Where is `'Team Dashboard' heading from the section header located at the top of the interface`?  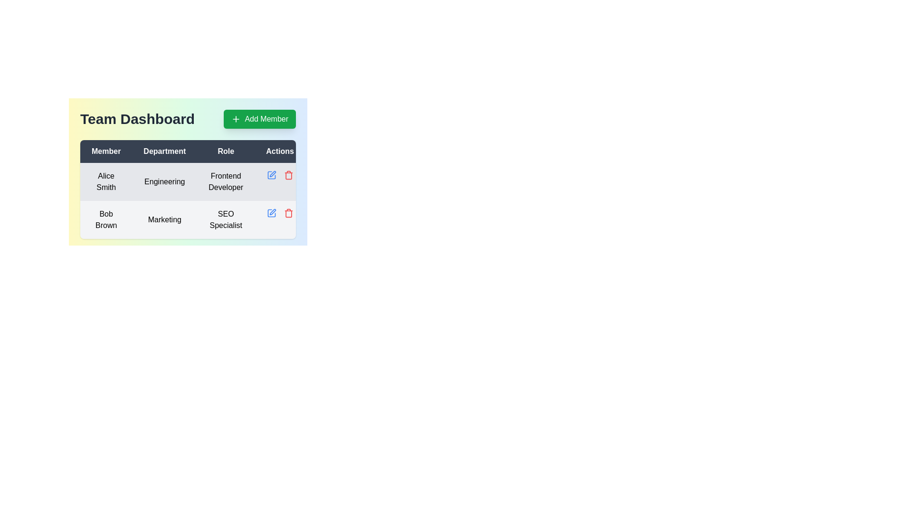
'Team Dashboard' heading from the section header located at the top of the interface is located at coordinates (188, 118).